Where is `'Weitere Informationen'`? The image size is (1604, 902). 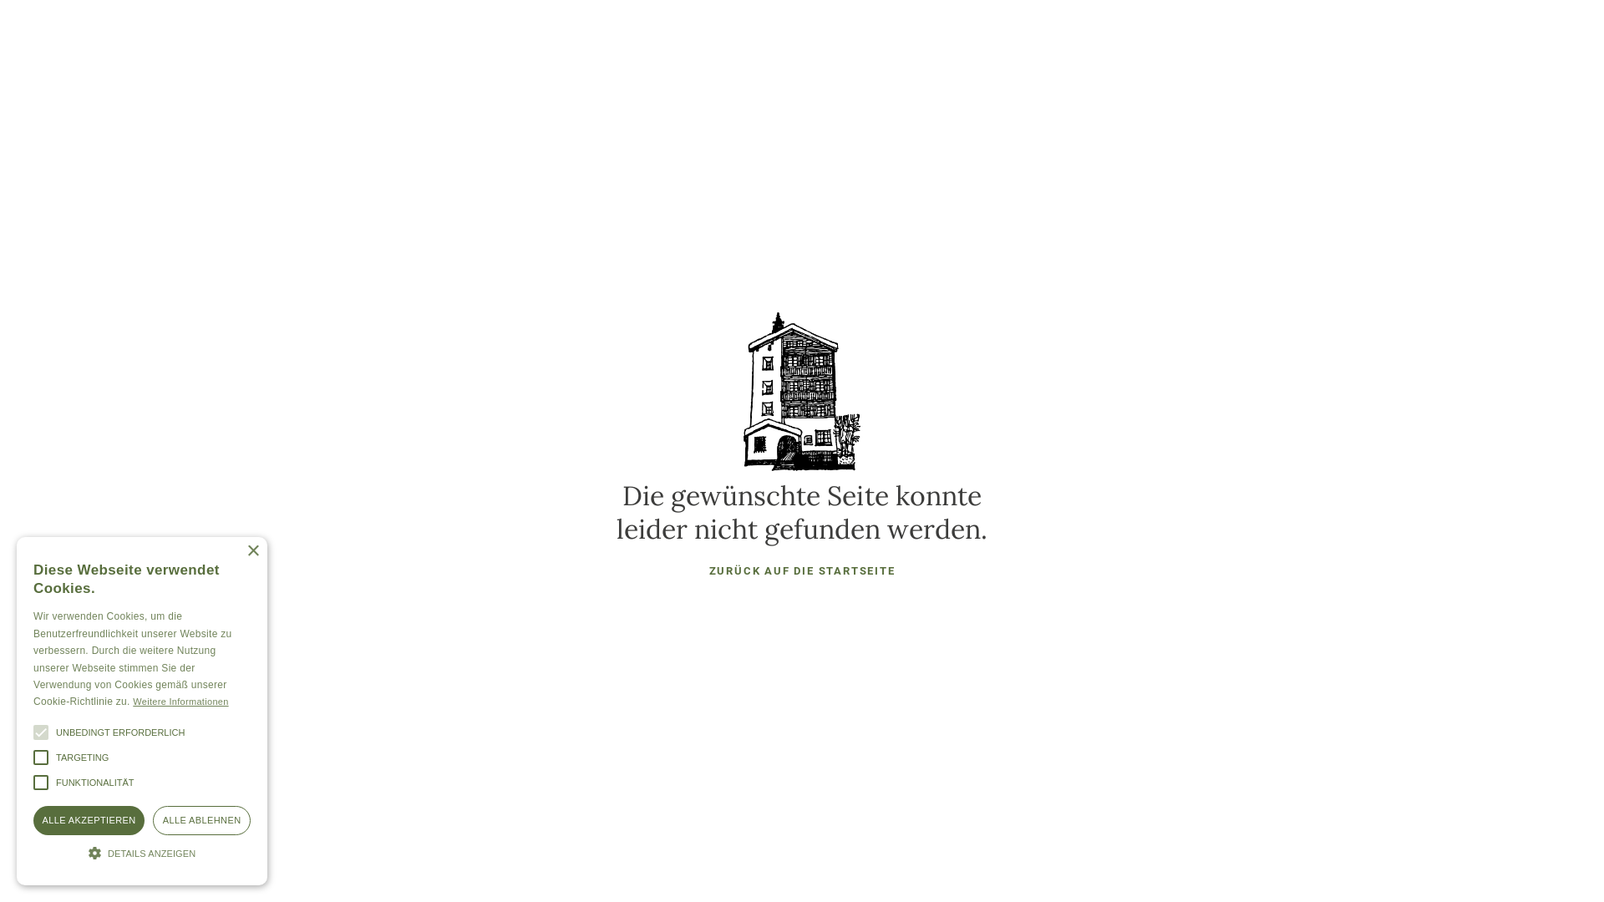 'Weitere Informationen' is located at coordinates (131, 702).